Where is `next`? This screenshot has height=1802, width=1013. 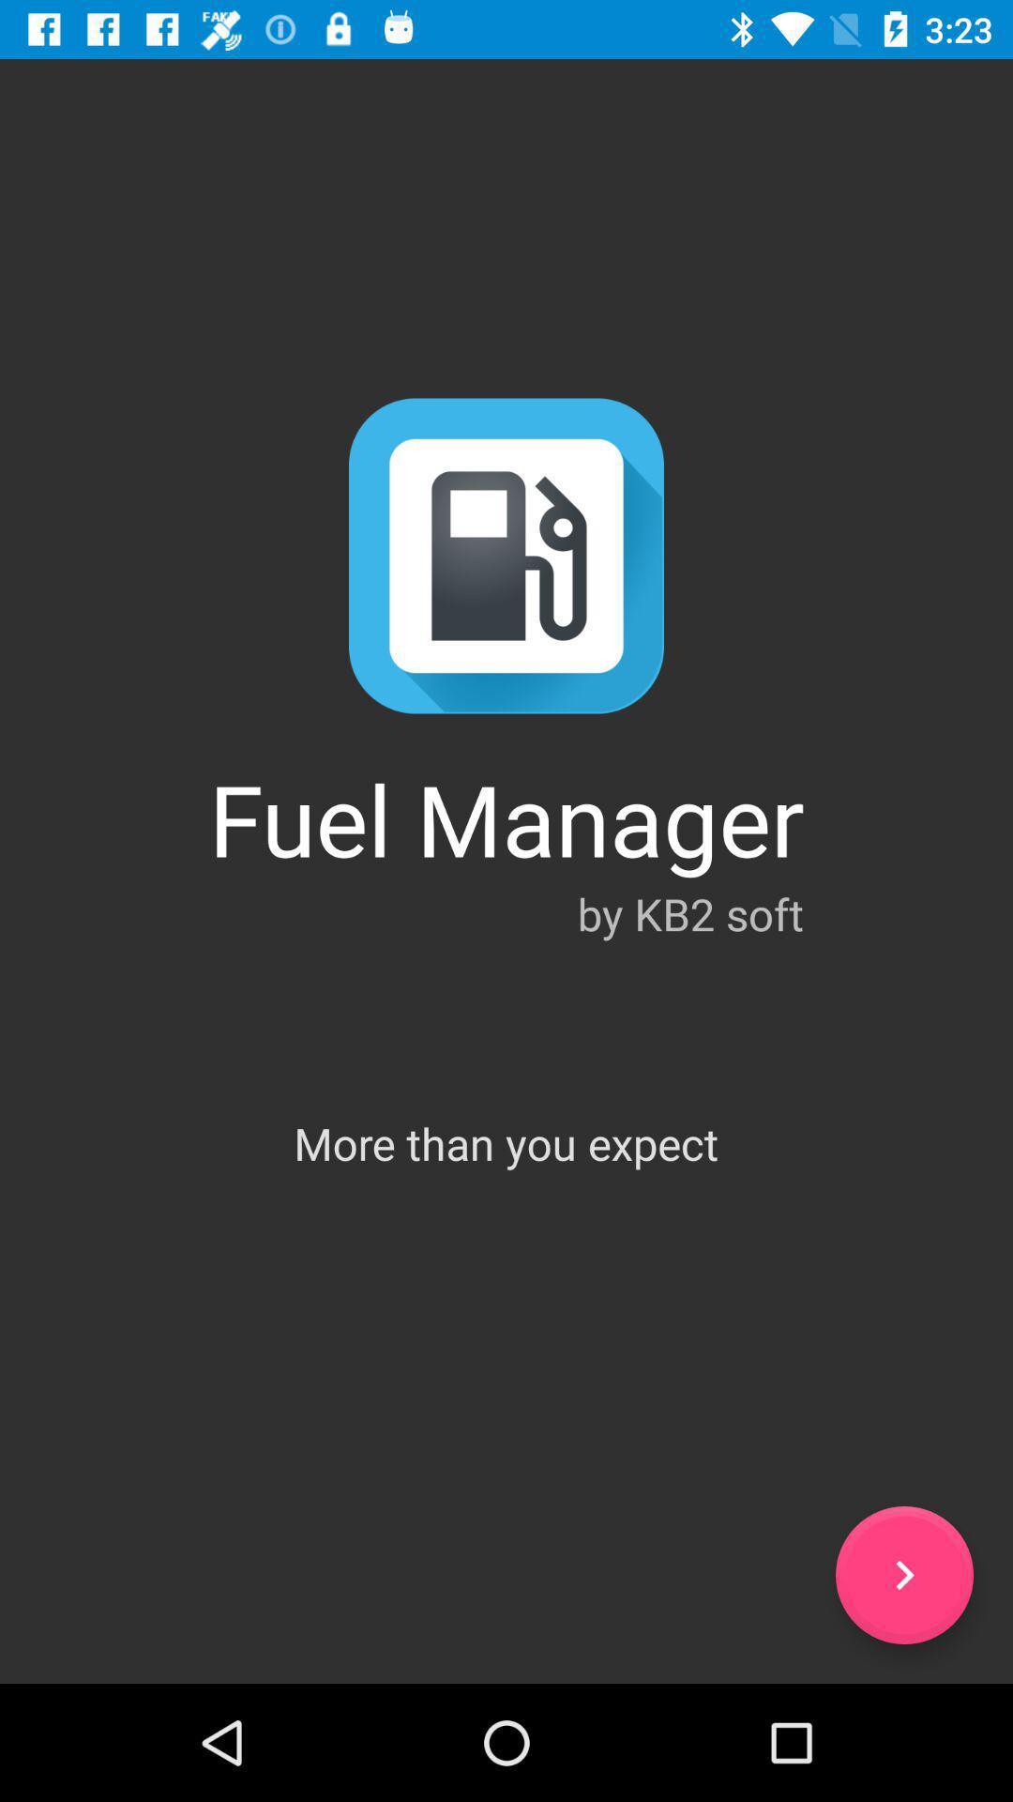 next is located at coordinates (903, 1575).